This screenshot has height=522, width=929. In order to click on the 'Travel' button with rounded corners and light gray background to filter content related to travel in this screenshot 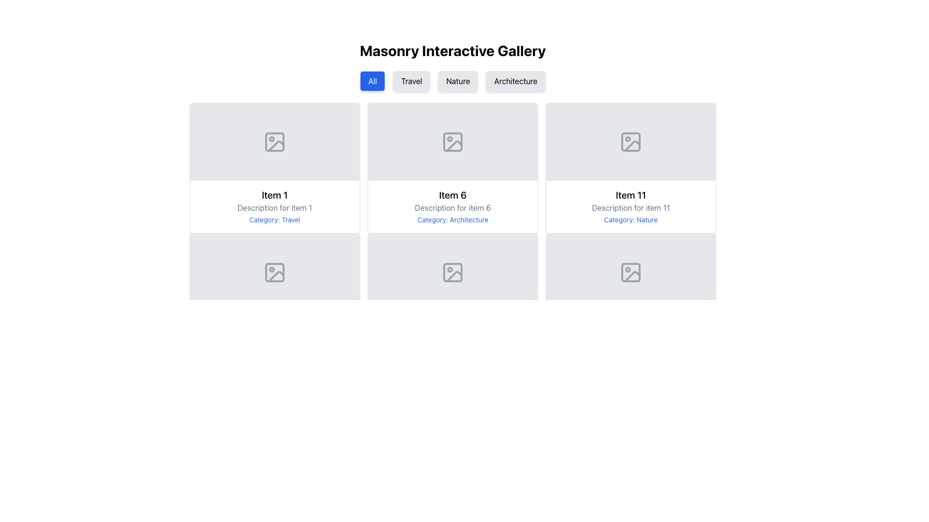, I will do `click(411, 81)`.